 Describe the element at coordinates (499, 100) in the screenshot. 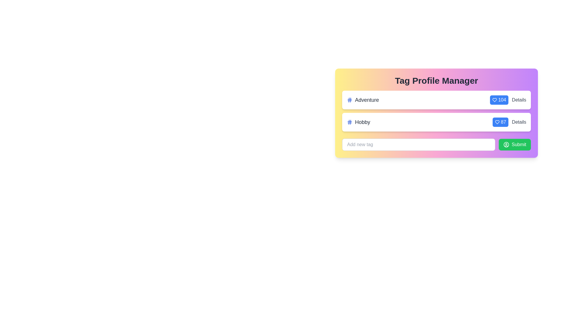

I see `the button indicating the number of likes associated with the Adventure tag, located in the third row of the profile management panel, to the right of 'Adventure' and left of 'Details'` at that location.